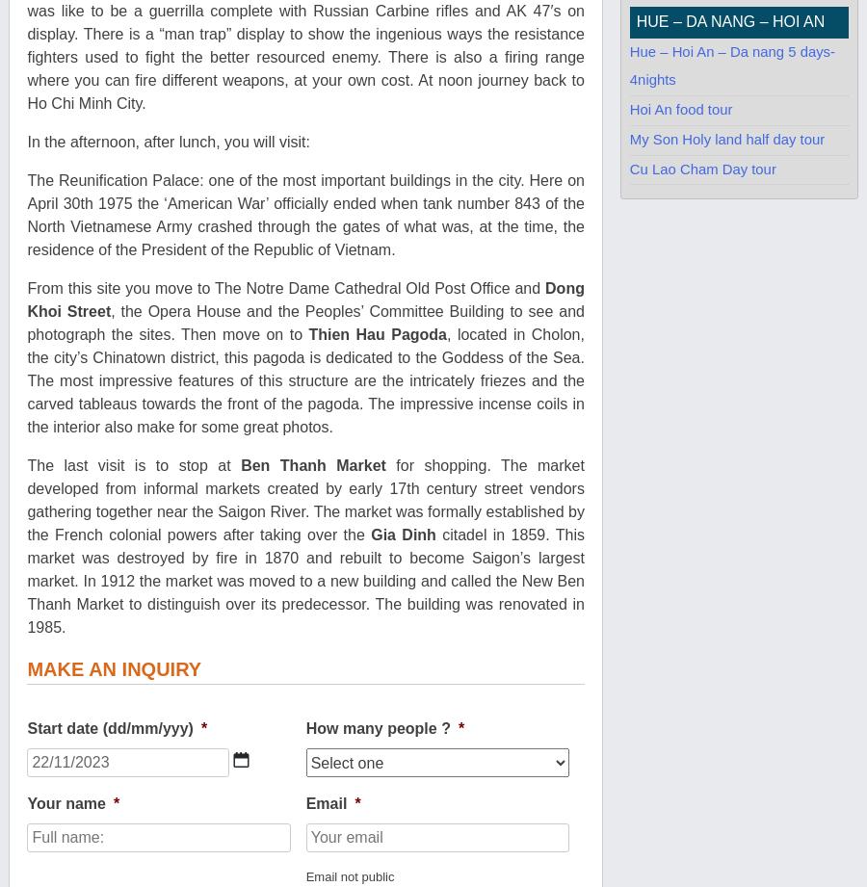 The width and height of the screenshot is (867, 887). What do you see at coordinates (133, 464) in the screenshot?
I see `'The last visit is to stop at'` at bounding box center [133, 464].